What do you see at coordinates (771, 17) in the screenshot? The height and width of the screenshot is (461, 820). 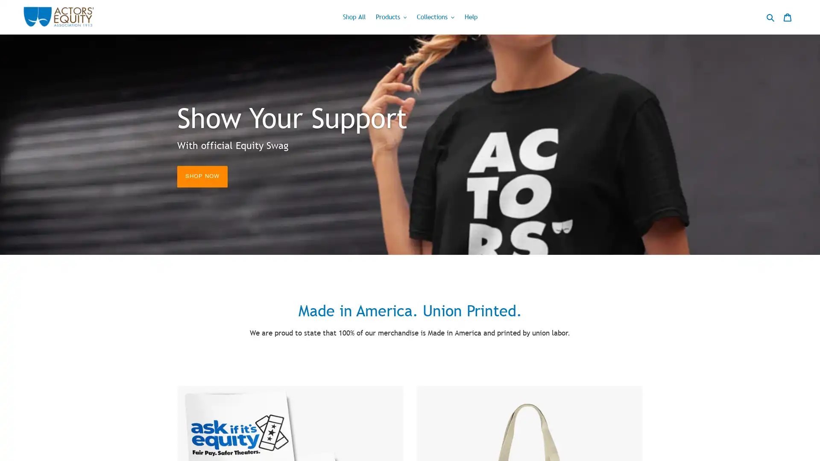 I see `Search` at bounding box center [771, 17].